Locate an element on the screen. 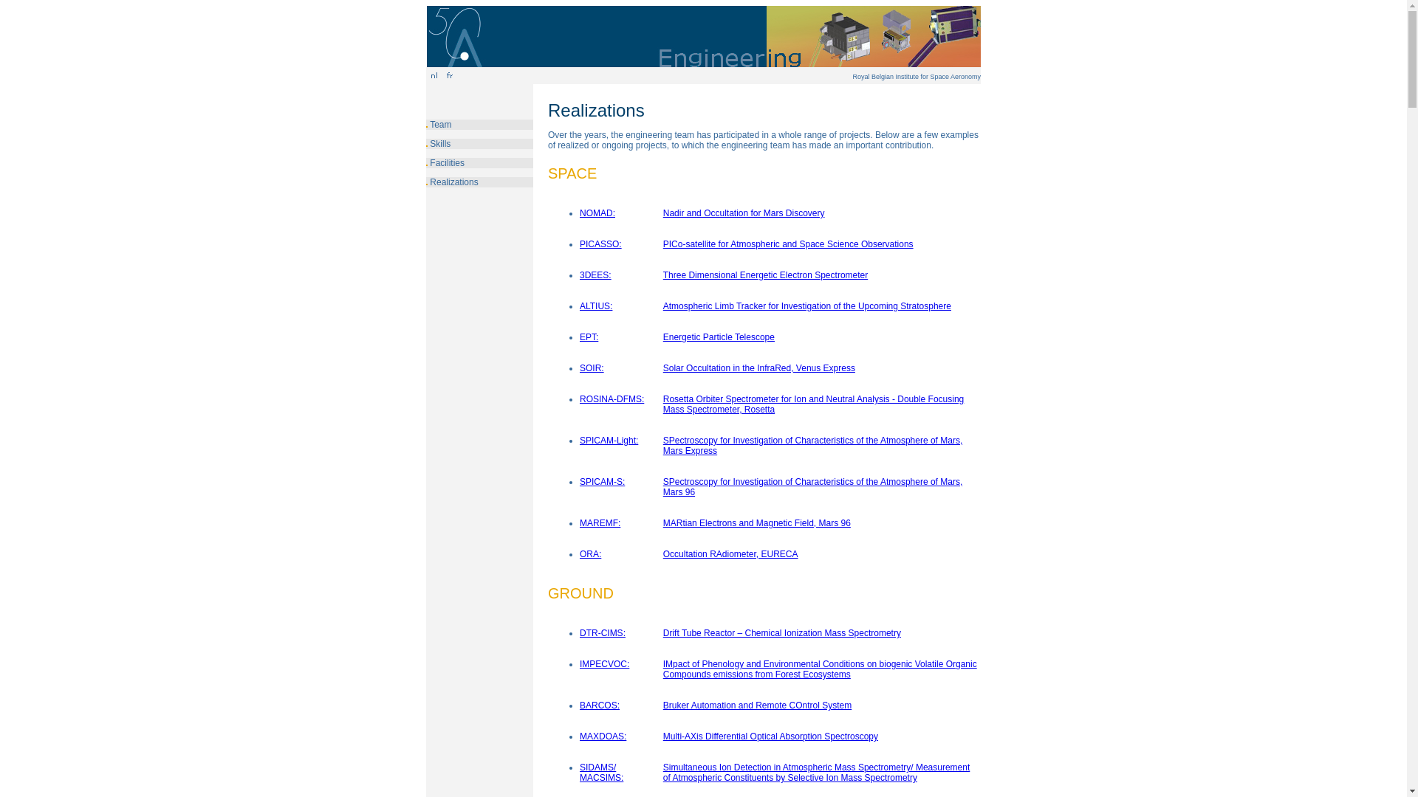 This screenshot has width=1418, height=797. 'IMPECVOC:' is located at coordinates (604, 663).